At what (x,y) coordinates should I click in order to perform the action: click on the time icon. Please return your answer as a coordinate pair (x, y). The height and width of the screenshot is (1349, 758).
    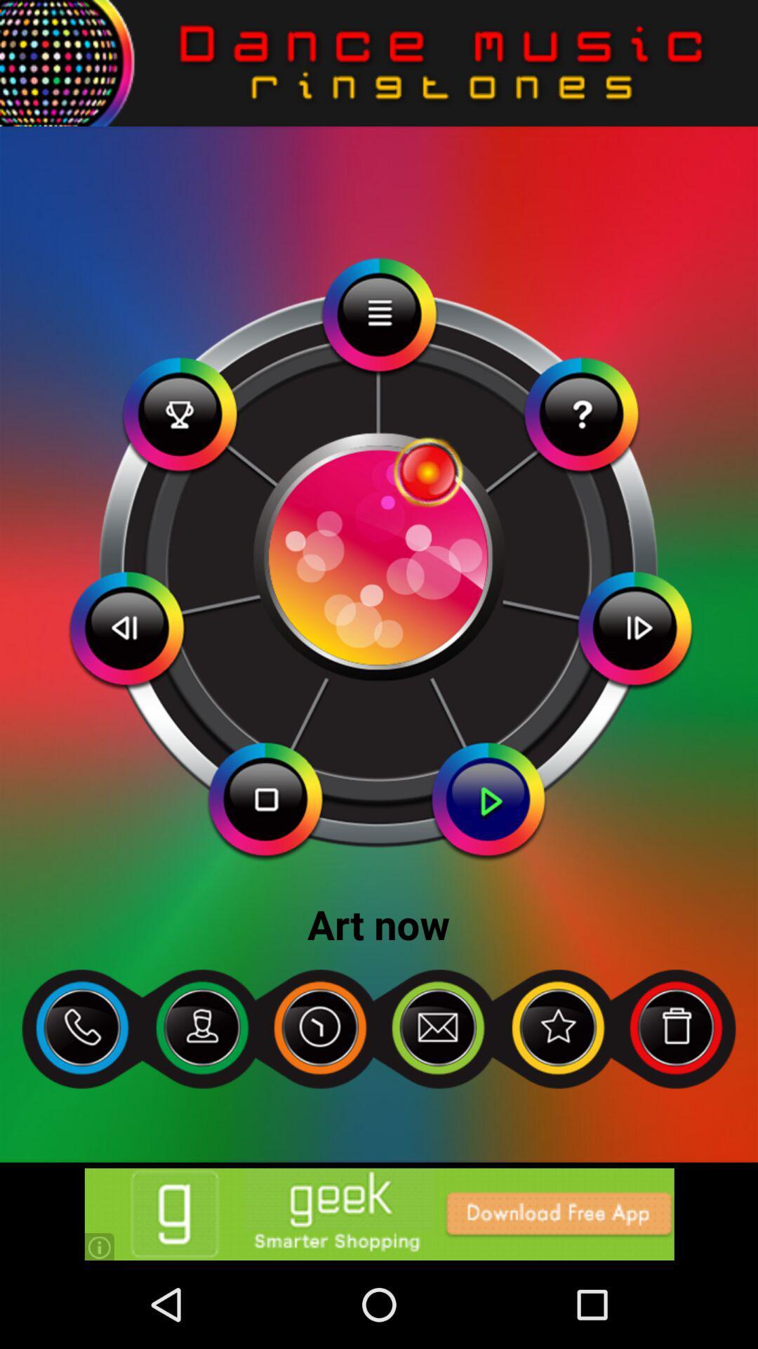
    Looking at the image, I should click on (319, 1100).